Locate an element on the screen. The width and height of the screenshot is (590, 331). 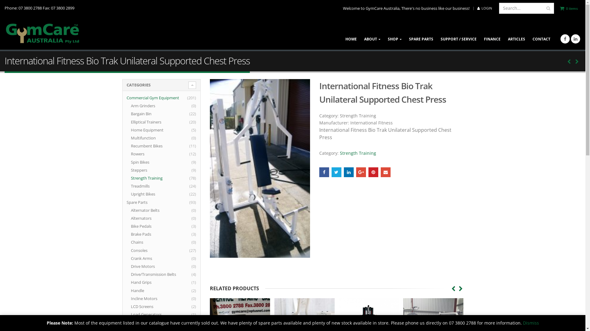
'Spin Bikes' is located at coordinates (144, 162).